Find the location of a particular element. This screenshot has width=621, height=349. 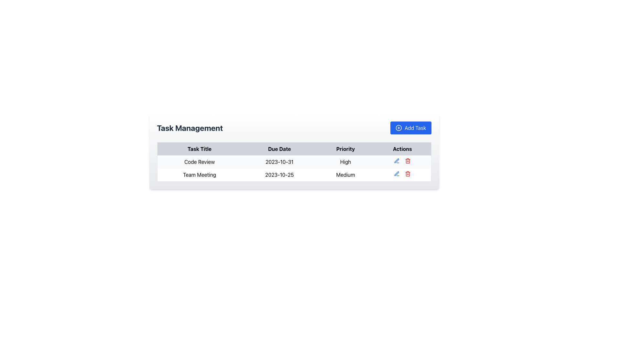

the 'Add Task' icon located to the left of the text 'Add Task' in the top-right corner button is located at coordinates (398, 128).